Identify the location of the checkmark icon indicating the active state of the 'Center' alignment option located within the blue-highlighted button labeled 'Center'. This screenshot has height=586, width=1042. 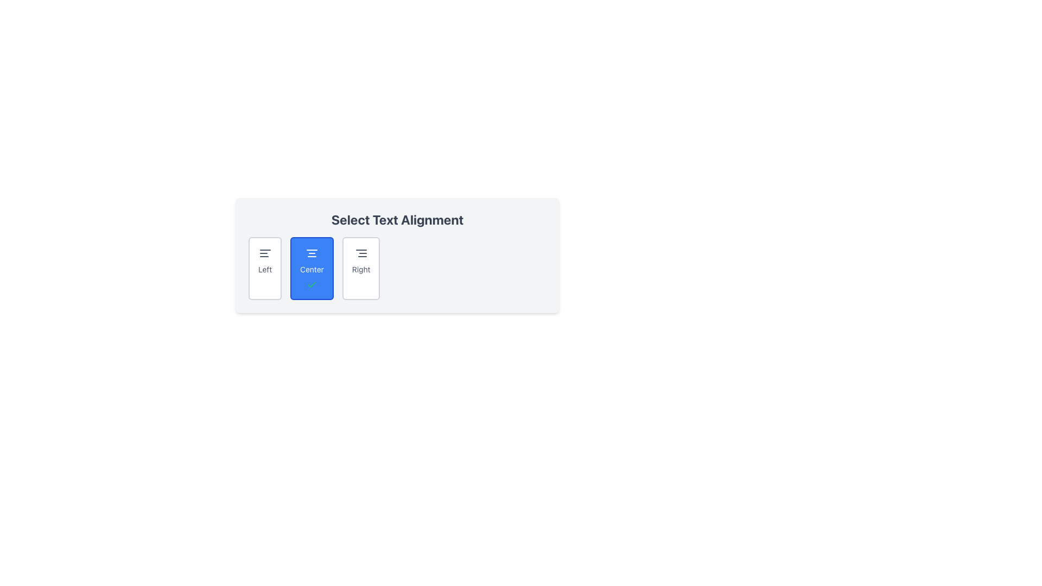
(312, 284).